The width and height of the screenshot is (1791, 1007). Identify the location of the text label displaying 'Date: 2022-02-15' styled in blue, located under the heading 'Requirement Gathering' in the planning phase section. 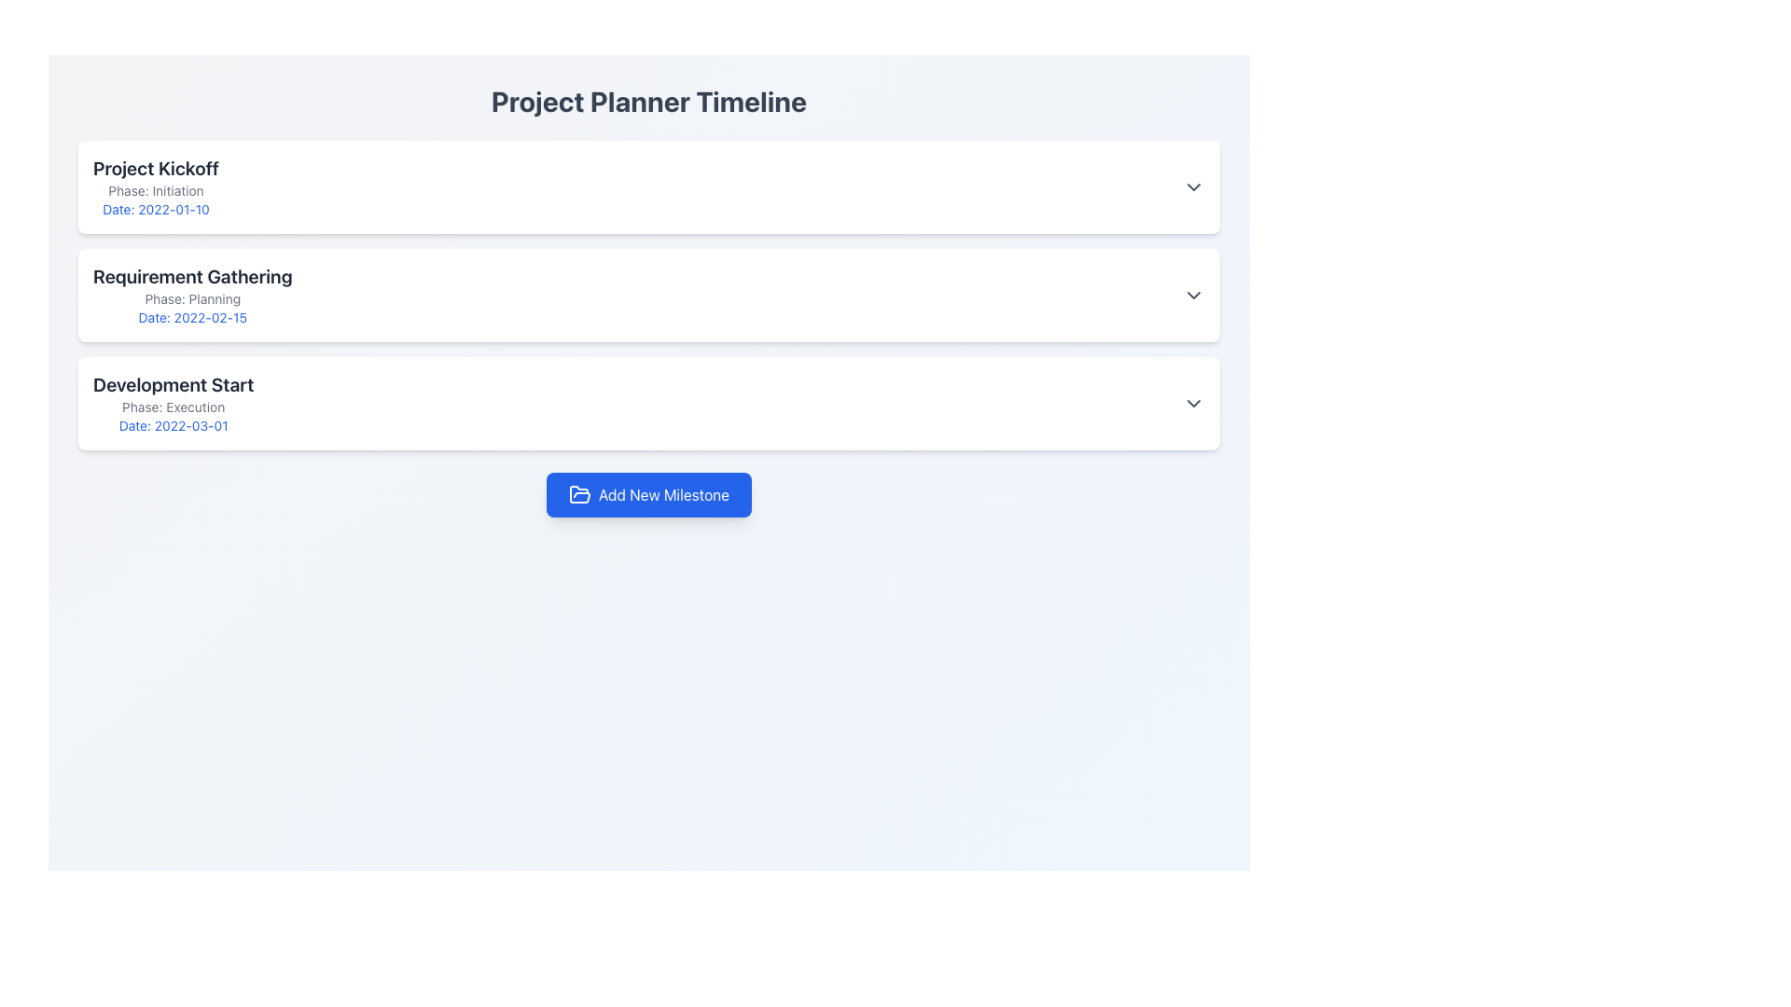
(192, 316).